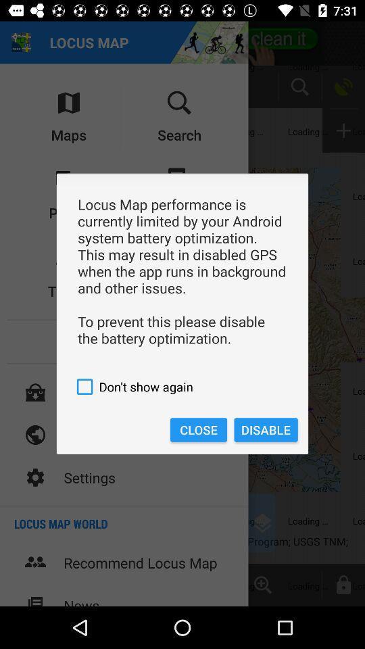 The image size is (365, 649). Describe the element at coordinates (266, 429) in the screenshot. I see `the disable` at that location.